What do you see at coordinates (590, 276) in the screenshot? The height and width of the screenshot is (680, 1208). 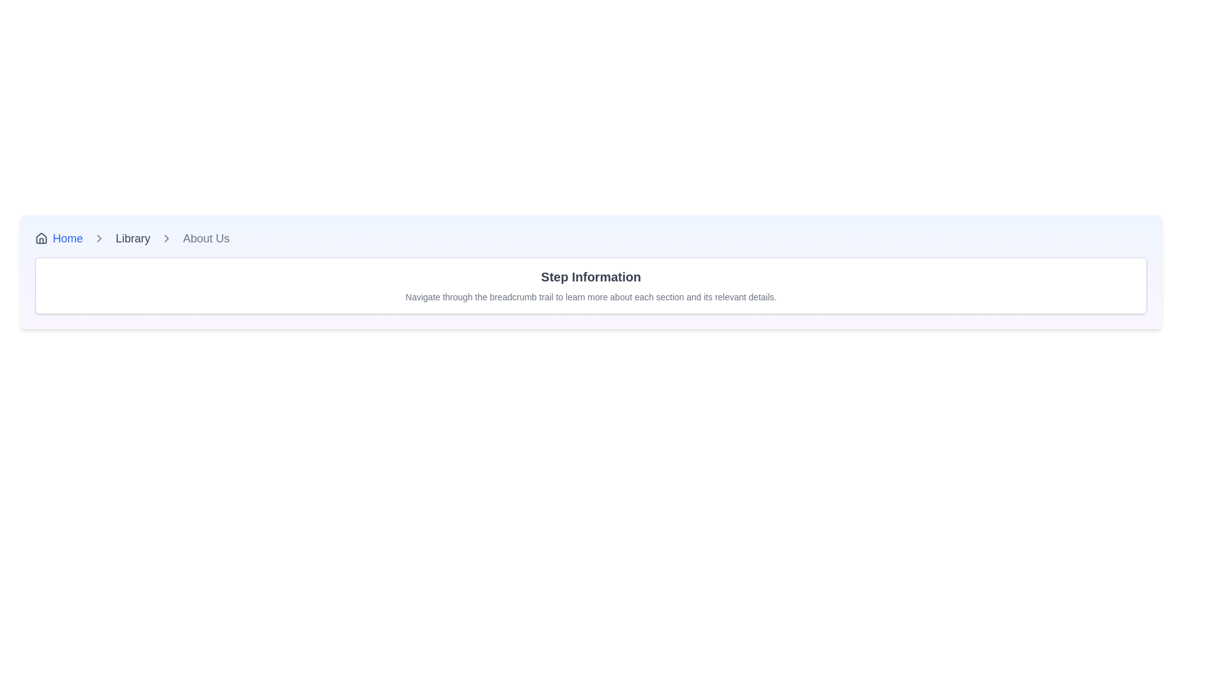 I see `text-based heading that serves as the title of the section, which reads 'Step Information', located at the center of the content block` at bounding box center [590, 276].